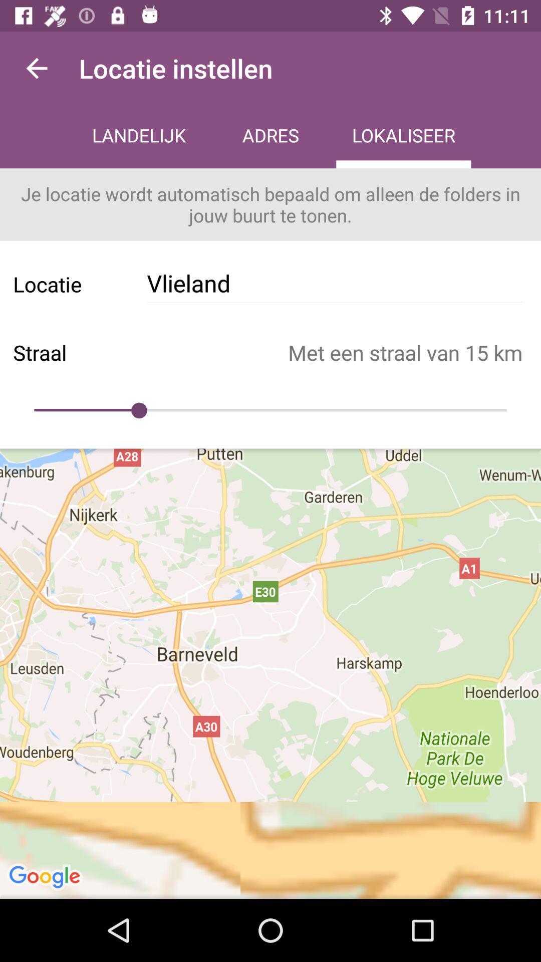 The width and height of the screenshot is (541, 962). What do you see at coordinates (403, 136) in the screenshot?
I see `icon next to the adres` at bounding box center [403, 136].